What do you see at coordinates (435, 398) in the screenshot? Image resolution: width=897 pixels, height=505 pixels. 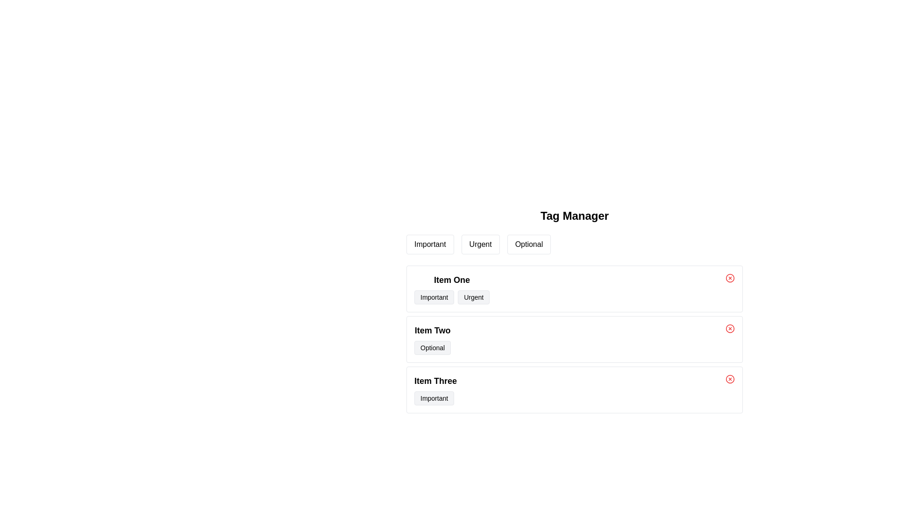 I see `the 'Important' tag label, which is a small rounded rectangular tag with a light gray background and black text` at bounding box center [435, 398].